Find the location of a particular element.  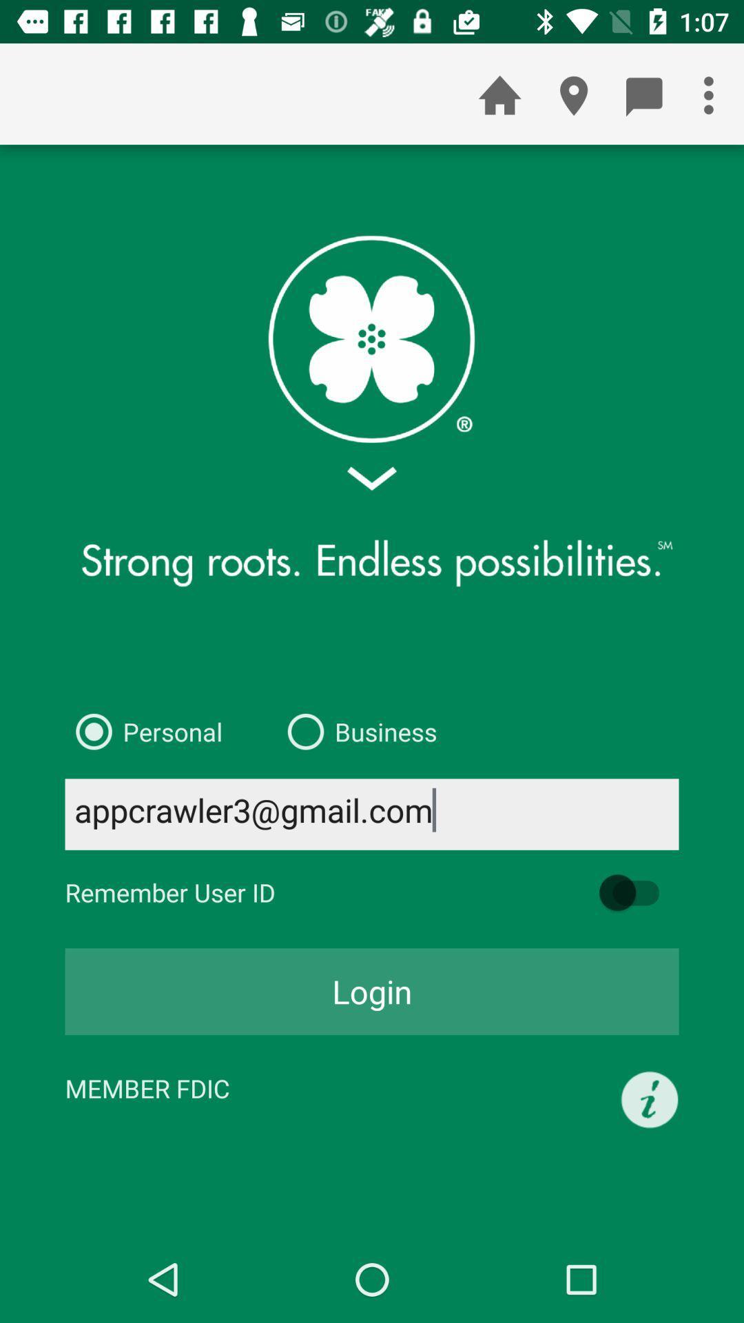

the info icon is located at coordinates (650, 1099).